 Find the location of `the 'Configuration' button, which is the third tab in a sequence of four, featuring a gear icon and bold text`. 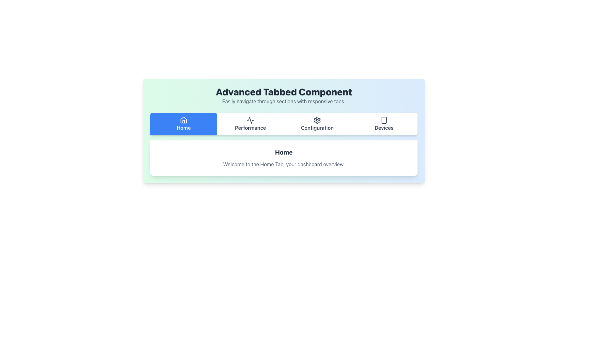

the 'Configuration' button, which is the third tab in a sequence of four, featuring a gear icon and bold text is located at coordinates (317, 124).